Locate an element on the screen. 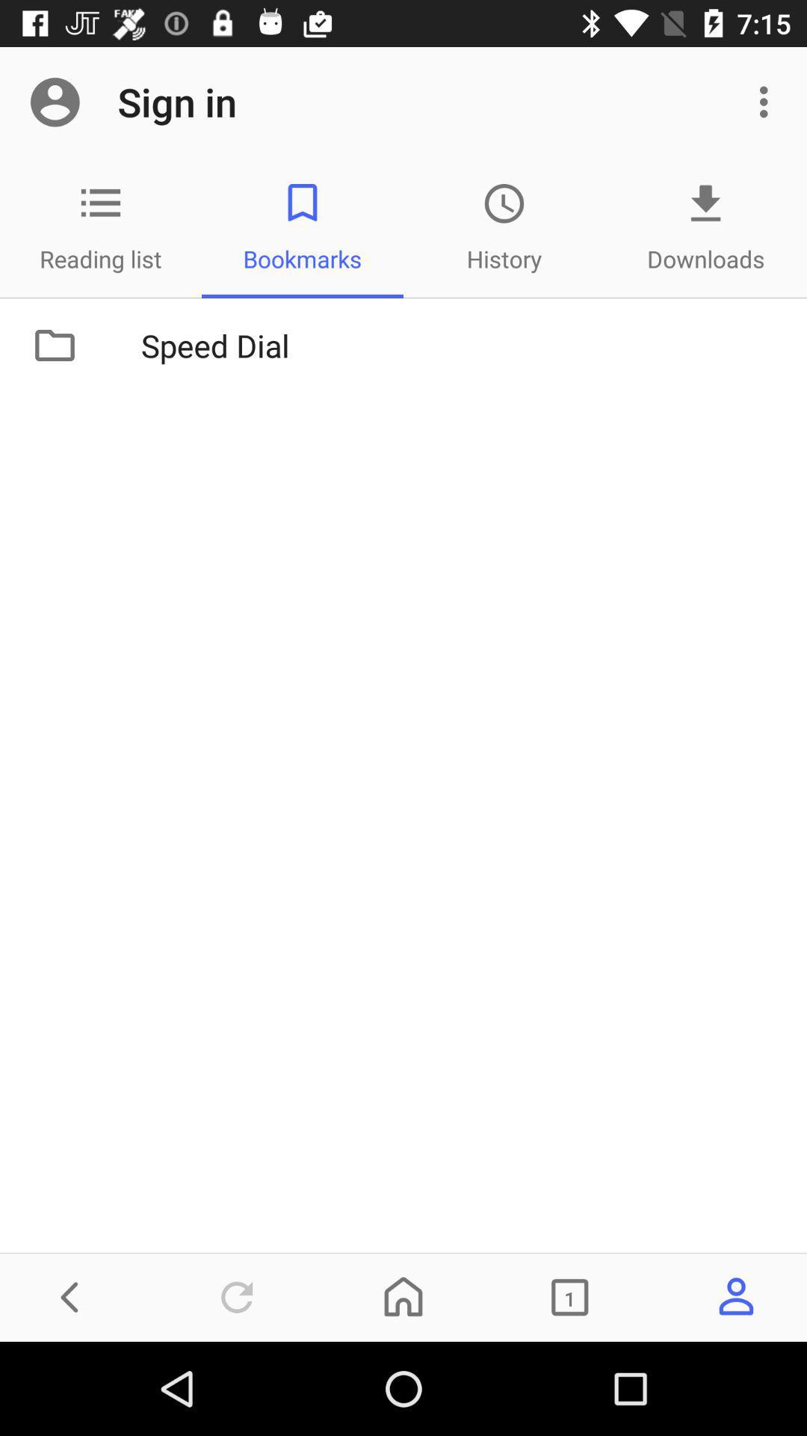 This screenshot has width=807, height=1436. the home icon is located at coordinates (403, 1296).